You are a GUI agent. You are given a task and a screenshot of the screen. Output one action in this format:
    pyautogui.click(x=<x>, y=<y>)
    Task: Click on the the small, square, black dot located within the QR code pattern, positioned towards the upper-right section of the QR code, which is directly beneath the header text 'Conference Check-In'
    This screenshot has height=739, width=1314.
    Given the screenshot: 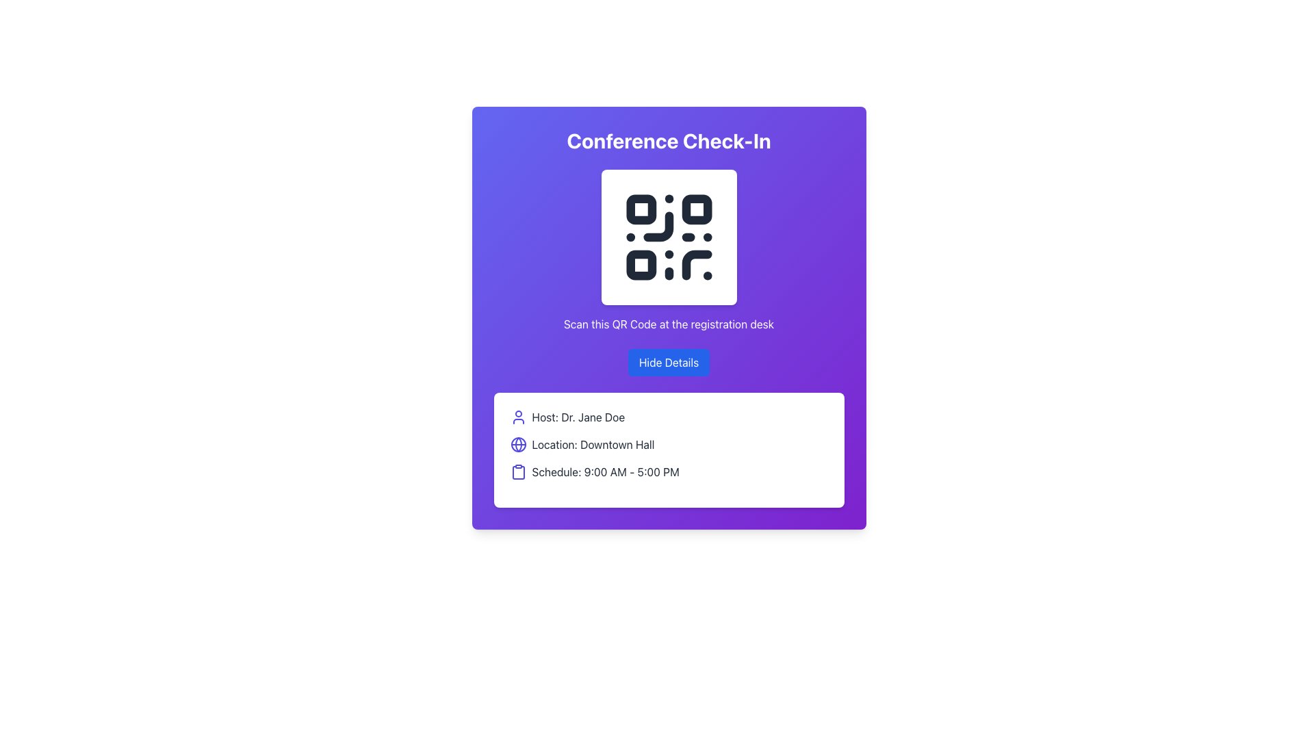 What is the action you would take?
    pyautogui.click(x=697, y=209)
    